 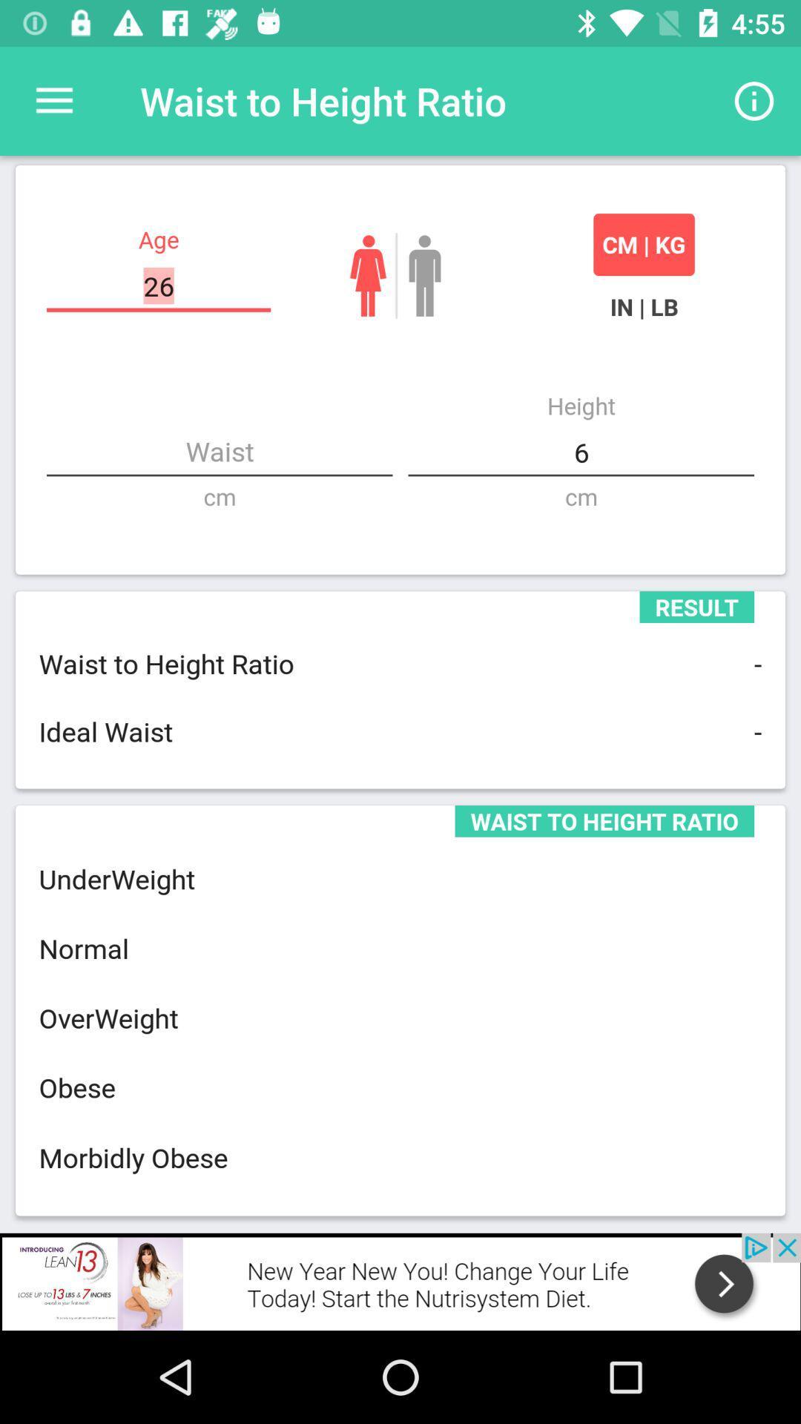 What do you see at coordinates (400, 1281) in the screenshot?
I see `advertisement` at bounding box center [400, 1281].